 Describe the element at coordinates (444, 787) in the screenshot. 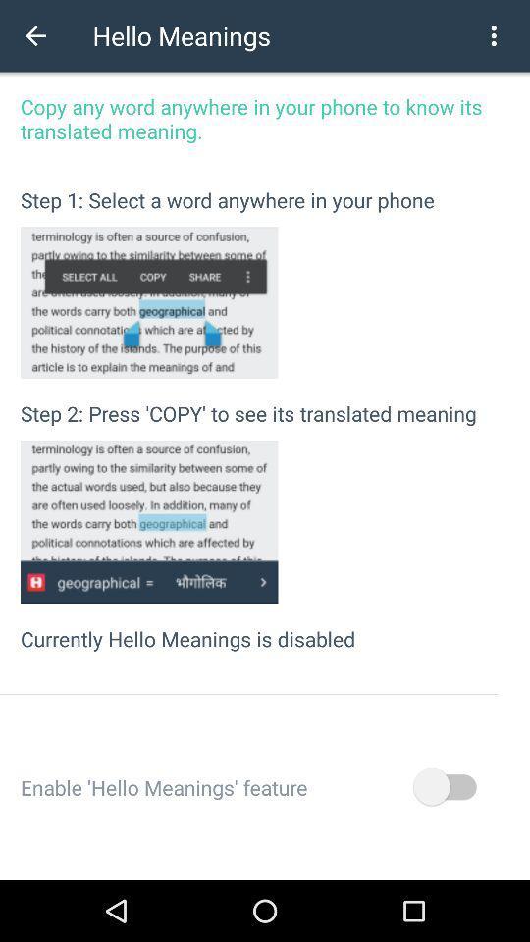

I see `switch to enable` at that location.